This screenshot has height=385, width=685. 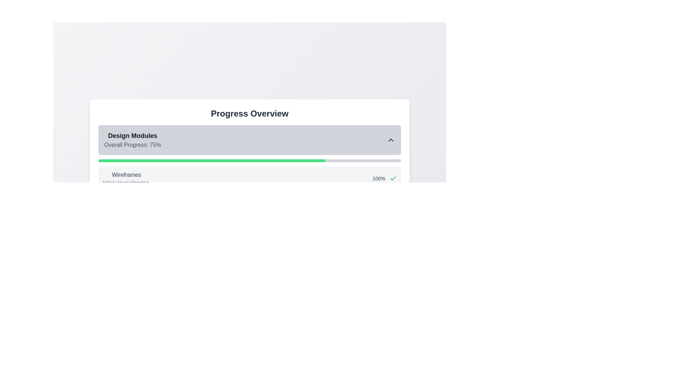 What do you see at coordinates (126, 183) in the screenshot?
I see `the descriptive text label located below the 'Wireframes' item in the 'Progress Overview' card` at bounding box center [126, 183].